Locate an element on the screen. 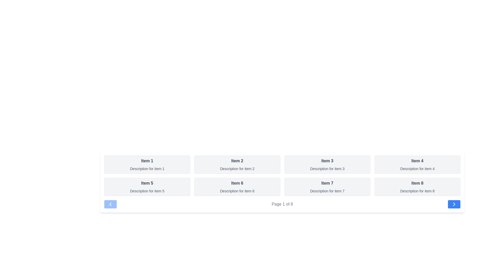 This screenshot has width=498, height=280. the text label displaying 'Description for item 5', which is is located at coordinates (147, 191).